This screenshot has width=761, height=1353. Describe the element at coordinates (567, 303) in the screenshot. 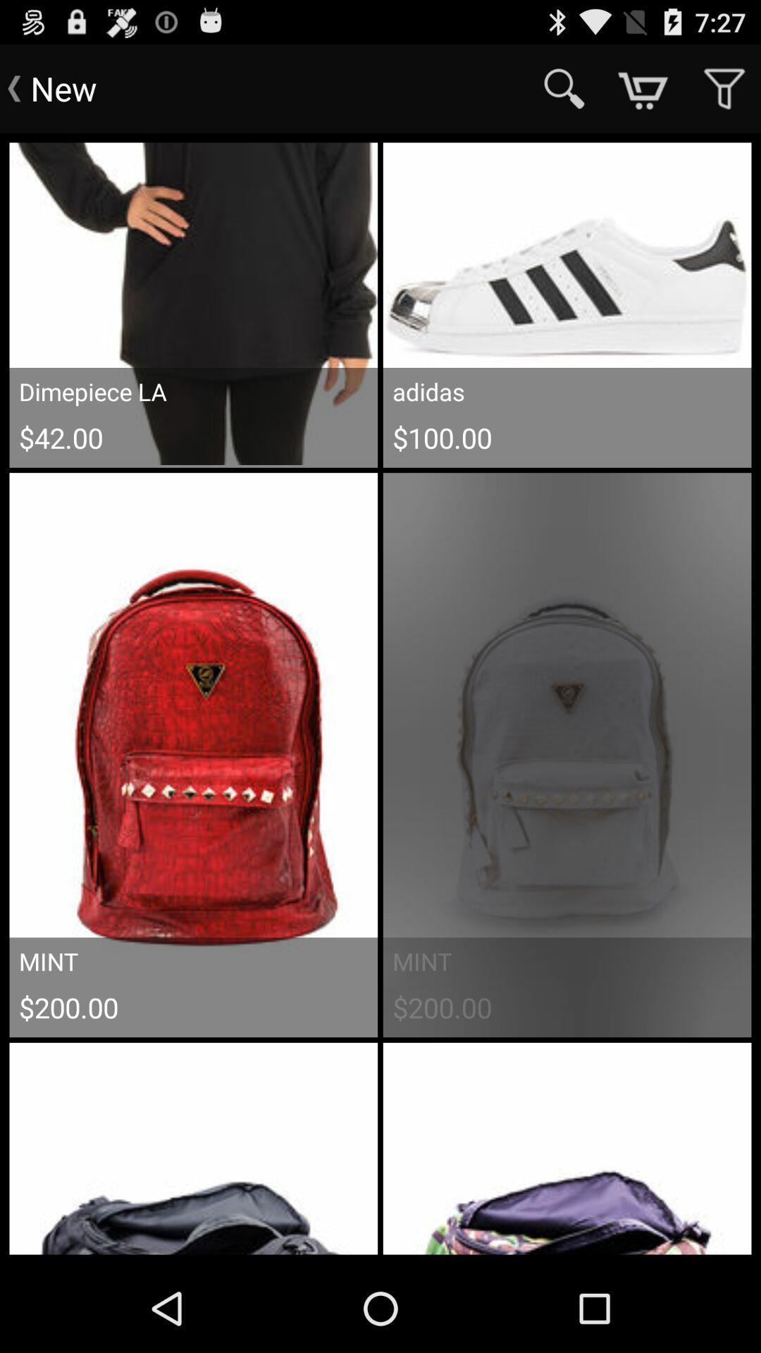

I see `the shoe image` at that location.